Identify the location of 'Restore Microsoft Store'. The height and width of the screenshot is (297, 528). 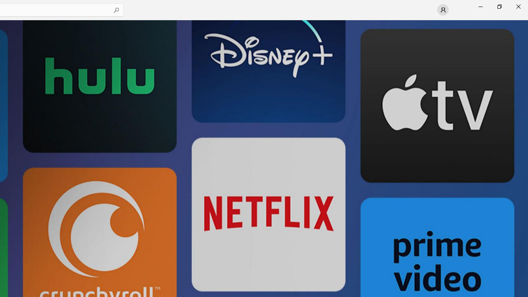
(499, 6).